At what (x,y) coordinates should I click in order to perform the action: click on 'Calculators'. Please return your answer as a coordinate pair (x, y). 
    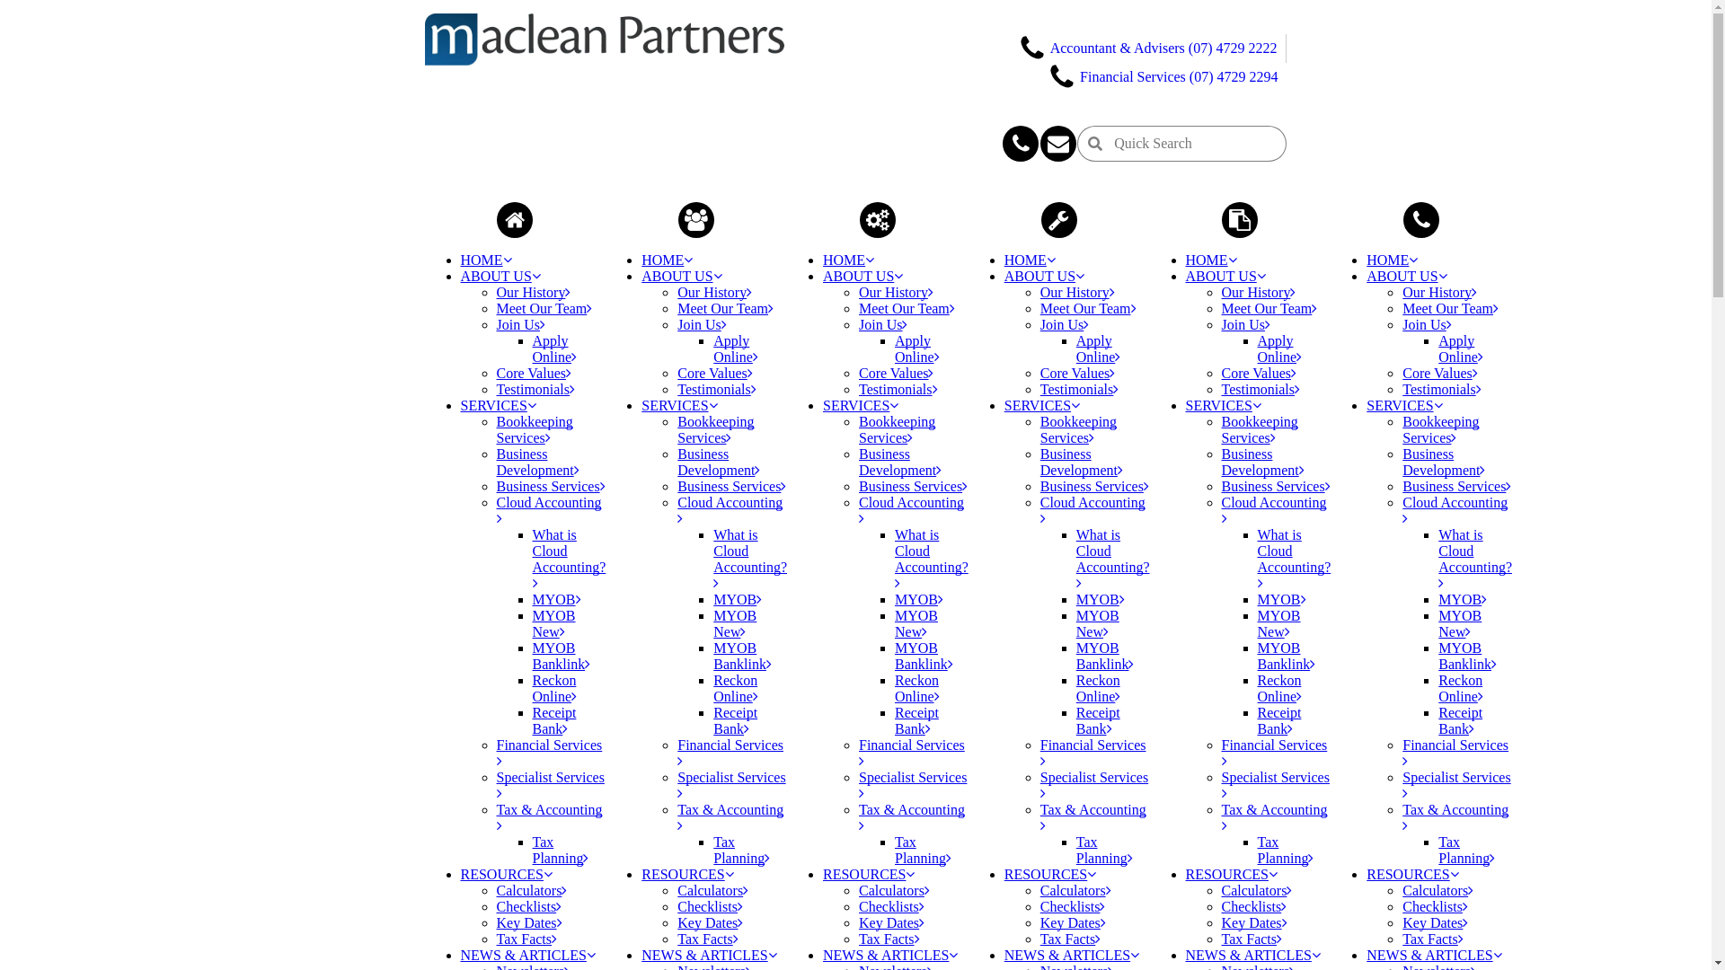
    Looking at the image, I should click on (1075, 890).